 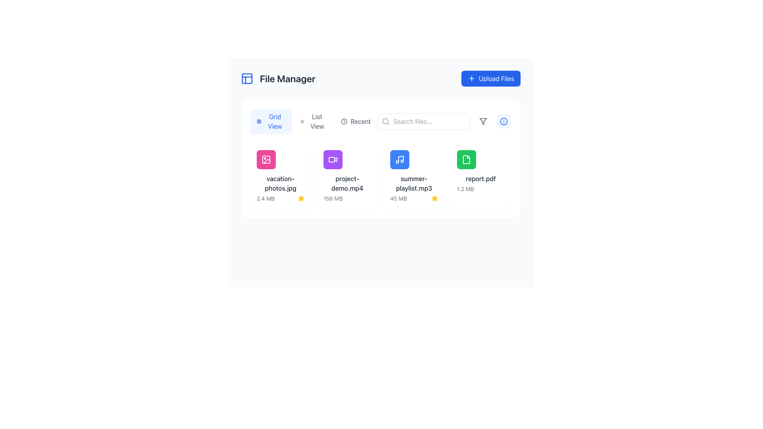 I want to click on the 'report.pdf' file entry in the file manager, so click(x=480, y=171).